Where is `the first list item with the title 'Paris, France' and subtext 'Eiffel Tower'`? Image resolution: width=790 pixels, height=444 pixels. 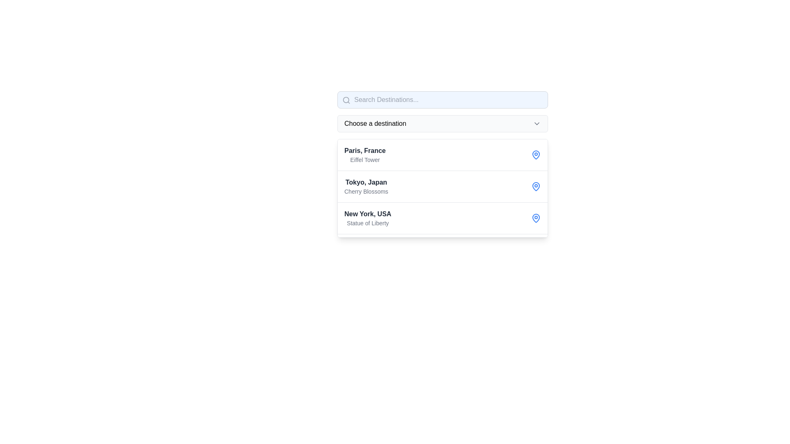 the first list item with the title 'Paris, France' and subtext 'Eiffel Tower' is located at coordinates (442, 155).